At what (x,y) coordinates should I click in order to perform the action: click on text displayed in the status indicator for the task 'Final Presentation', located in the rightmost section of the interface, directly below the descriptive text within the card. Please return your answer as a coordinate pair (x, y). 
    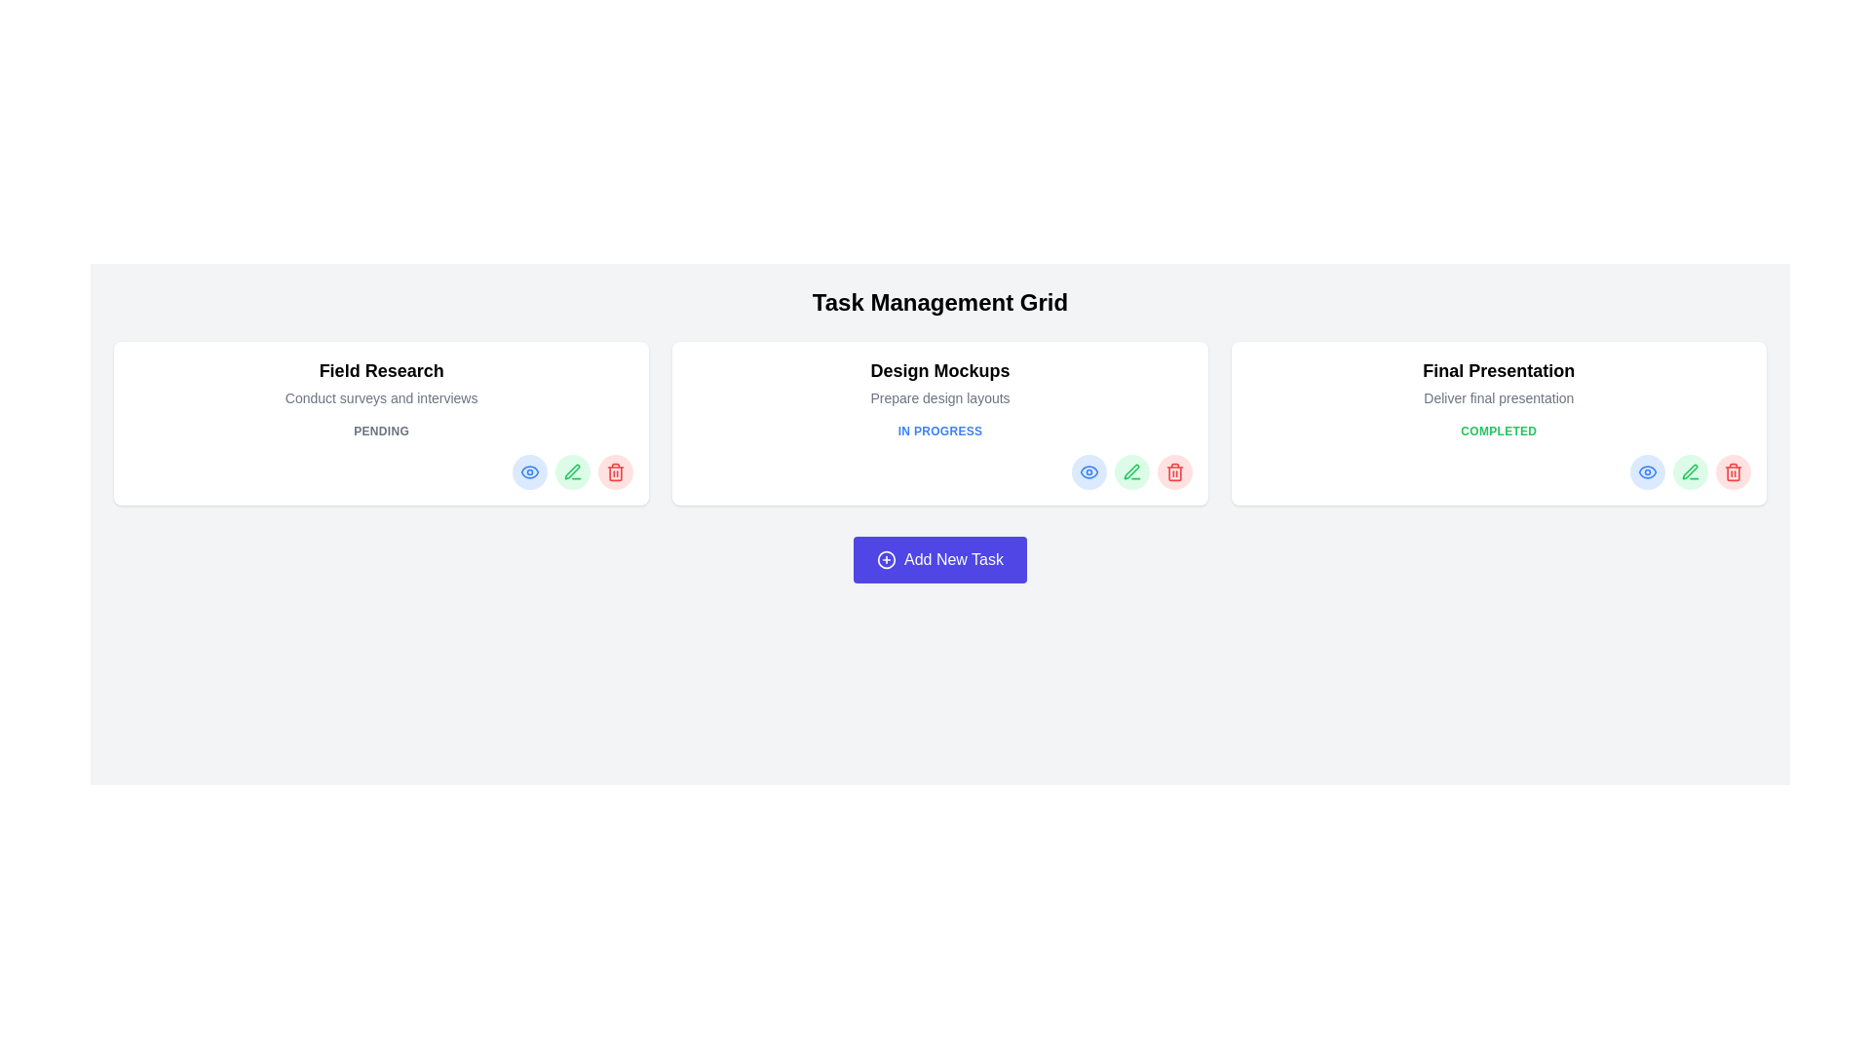
    Looking at the image, I should click on (1498, 431).